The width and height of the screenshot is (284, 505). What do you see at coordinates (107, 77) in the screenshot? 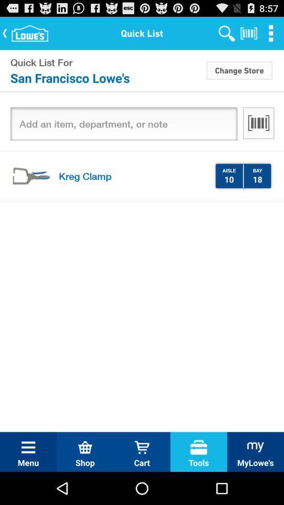
I see `san francisco lowe icon` at bounding box center [107, 77].